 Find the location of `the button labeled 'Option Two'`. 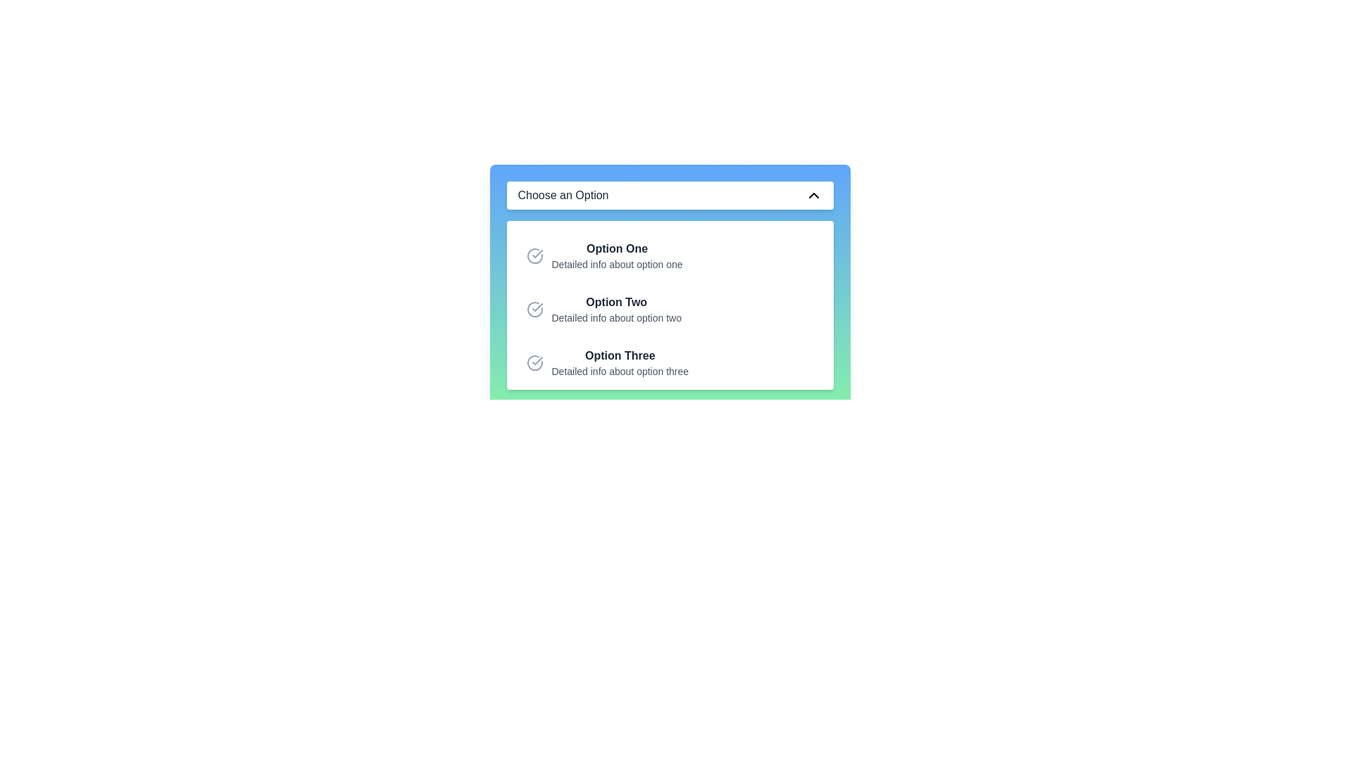

the button labeled 'Option Two' is located at coordinates (616, 308).